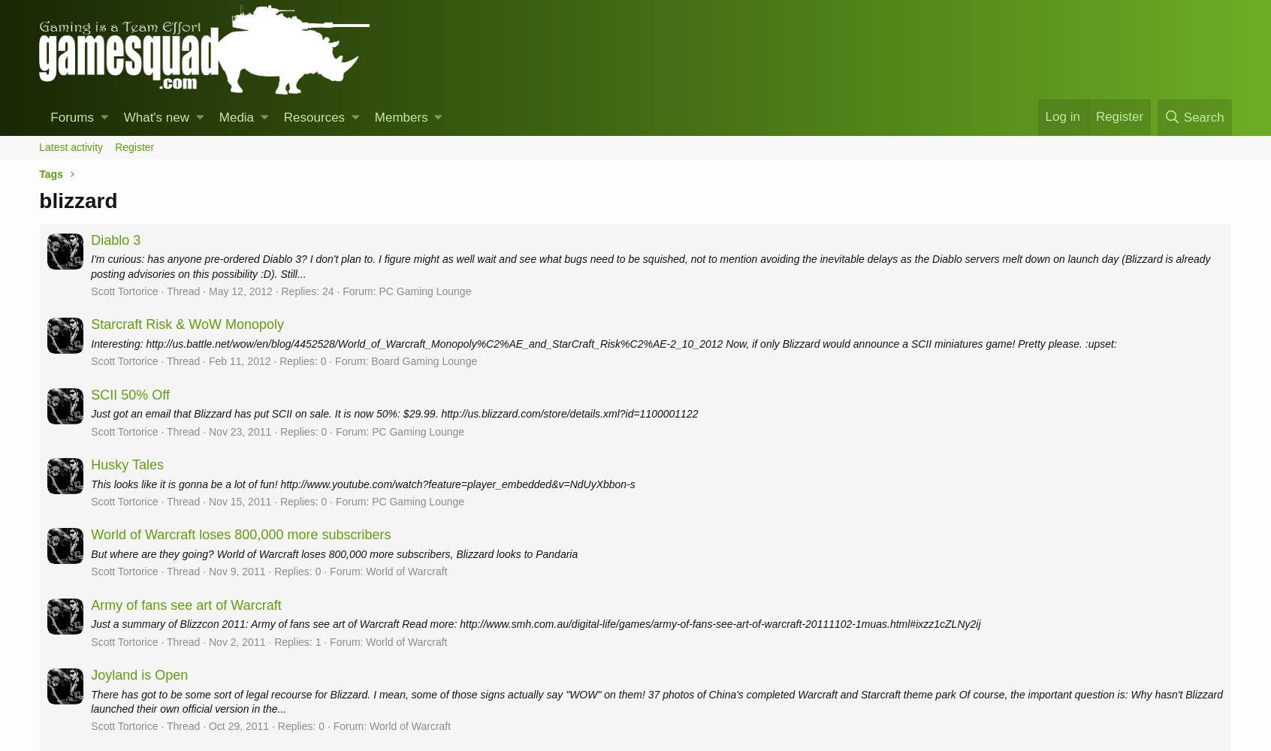 This screenshot has width=1271, height=751. What do you see at coordinates (239, 291) in the screenshot?
I see `'May 12, 2012'` at bounding box center [239, 291].